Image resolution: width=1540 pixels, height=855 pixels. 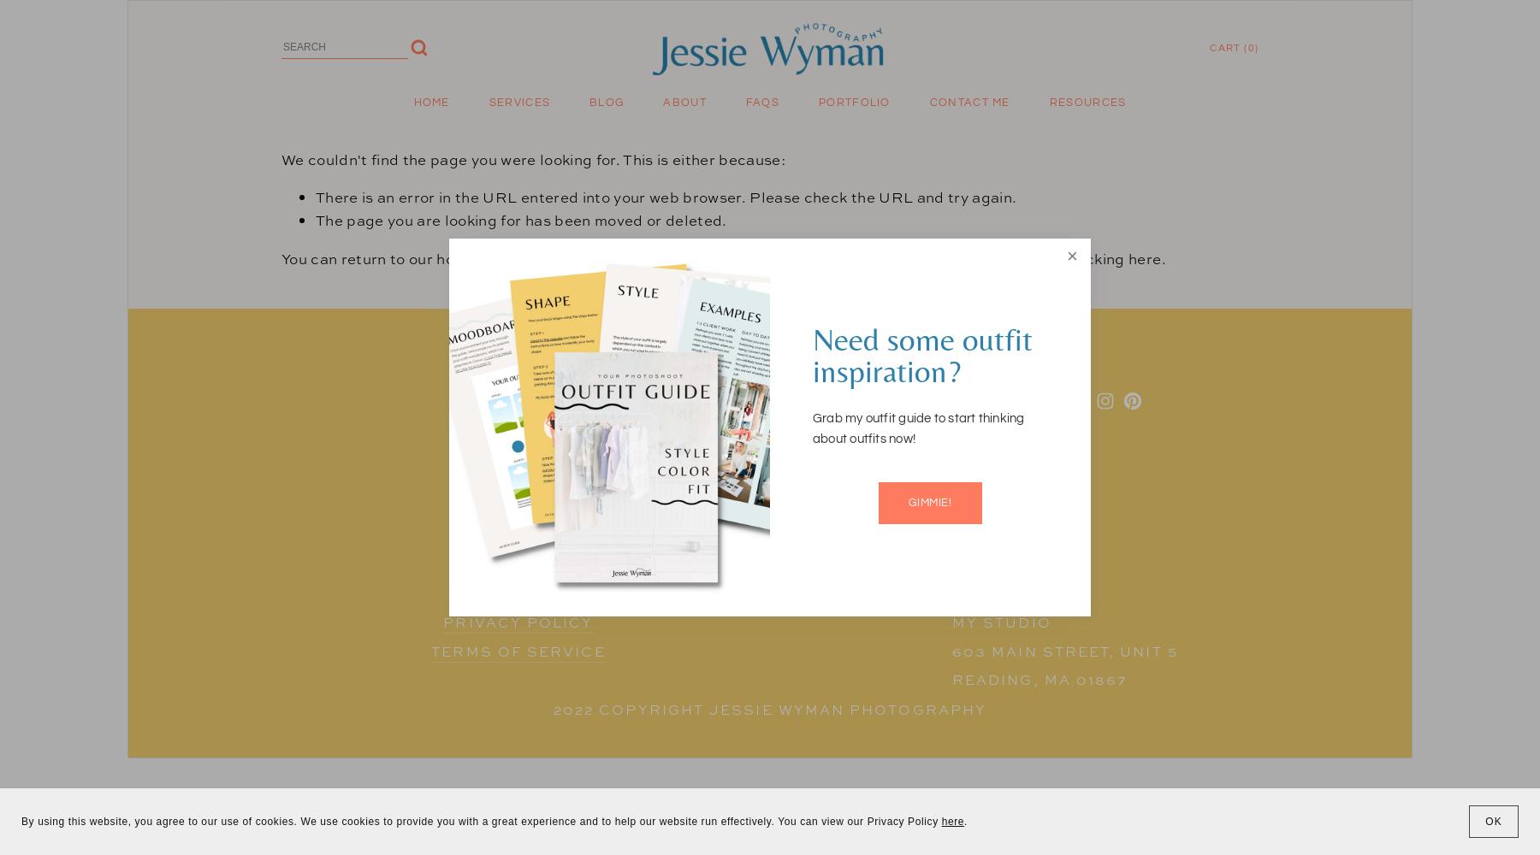 I want to click on 'There is an error in the URL entered into your web browser. Please check the URL and try again.', so click(x=316, y=196).